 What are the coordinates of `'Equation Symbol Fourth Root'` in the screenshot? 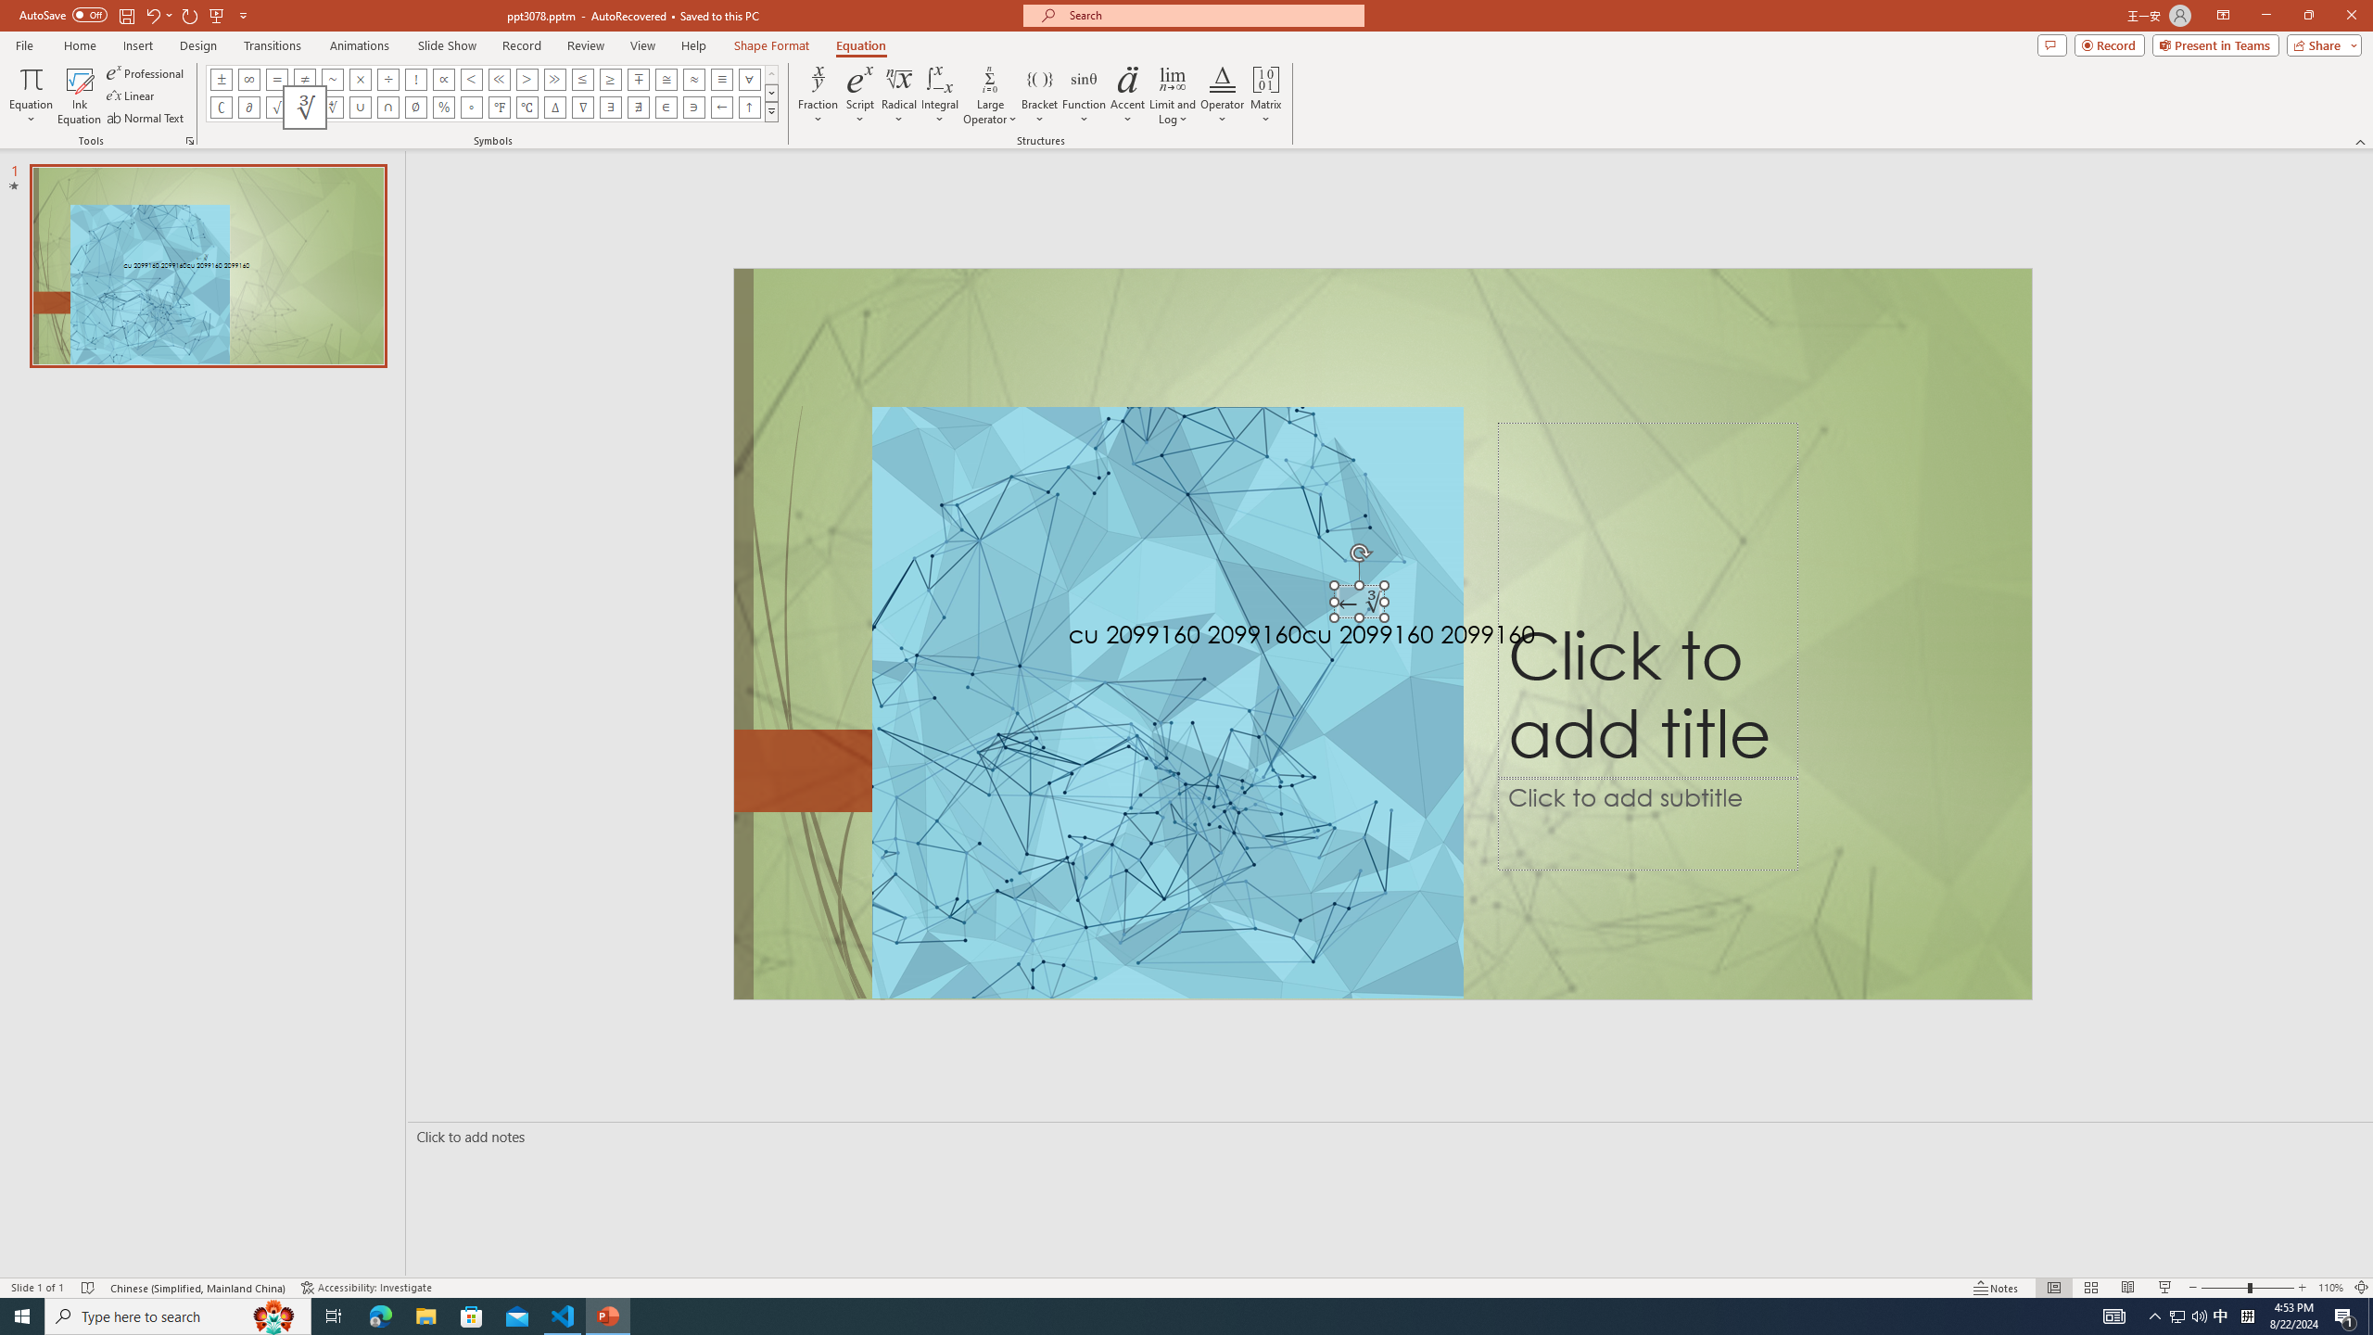 It's located at (332, 106).